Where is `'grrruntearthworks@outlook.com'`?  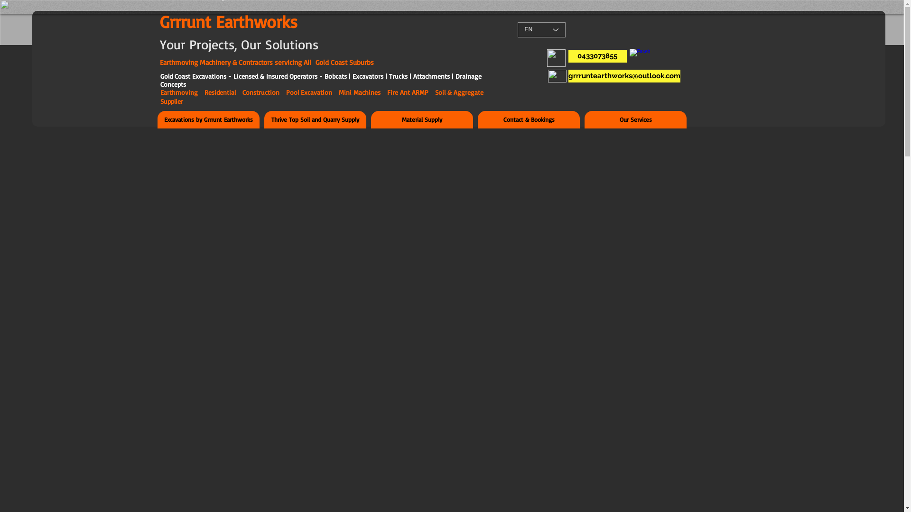
'grrruntearthworks@outlook.com' is located at coordinates (624, 75).